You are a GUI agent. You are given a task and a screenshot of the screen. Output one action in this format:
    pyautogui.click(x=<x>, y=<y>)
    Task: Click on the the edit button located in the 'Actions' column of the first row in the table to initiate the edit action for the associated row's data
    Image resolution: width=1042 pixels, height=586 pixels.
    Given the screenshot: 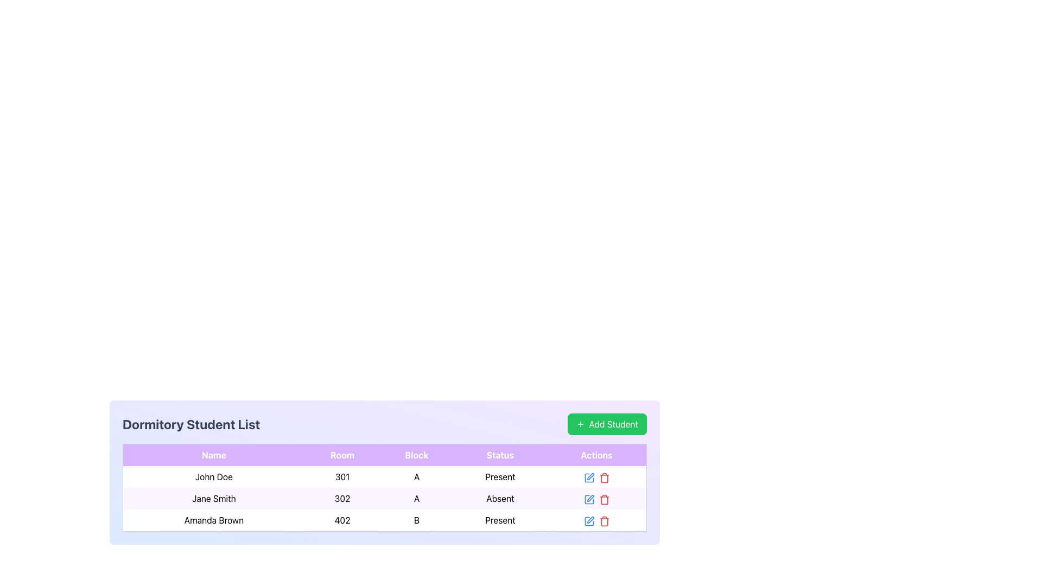 What is the action you would take?
    pyautogui.click(x=588, y=476)
    